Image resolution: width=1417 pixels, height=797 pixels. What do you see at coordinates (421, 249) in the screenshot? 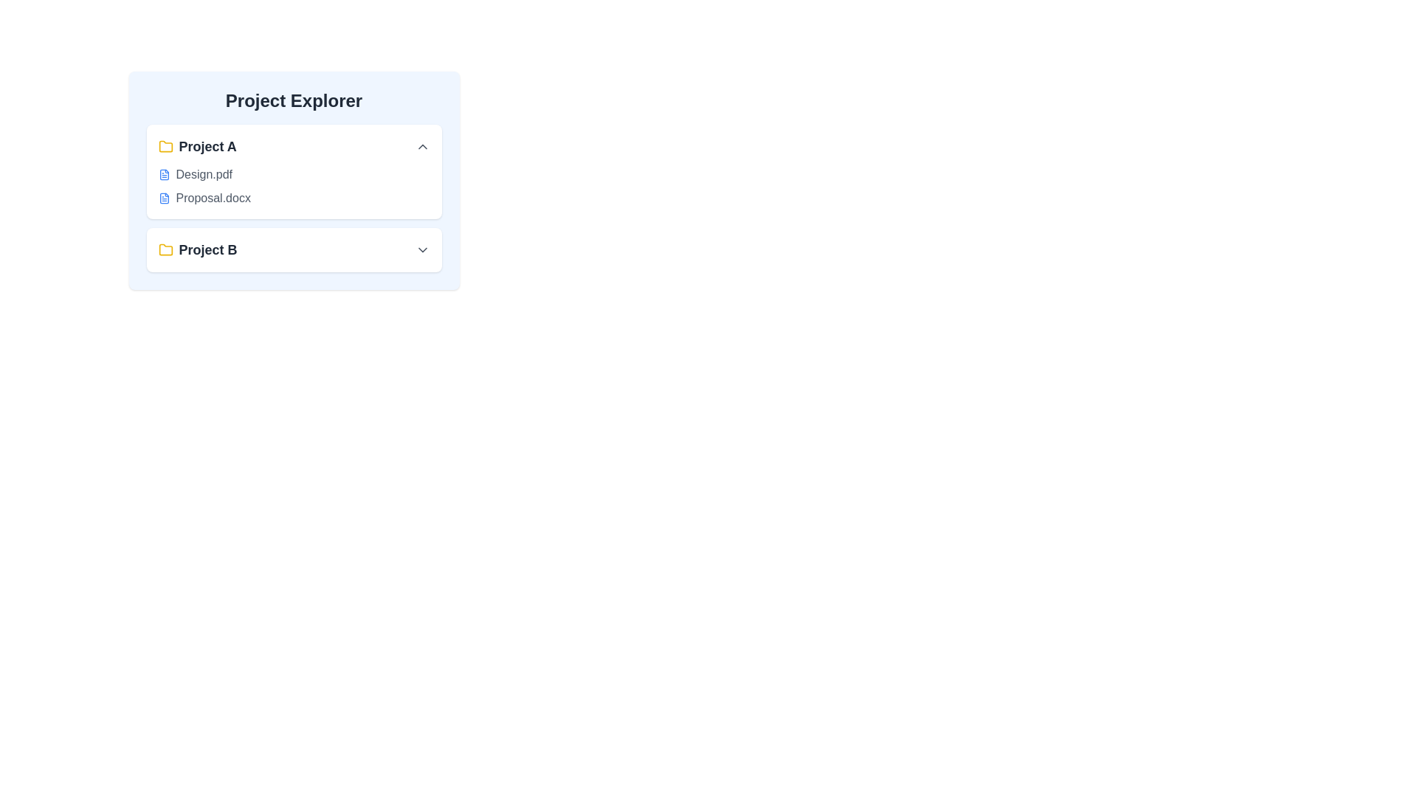
I see `toggle button of Project B to expand or collapse it` at bounding box center [421, 249].